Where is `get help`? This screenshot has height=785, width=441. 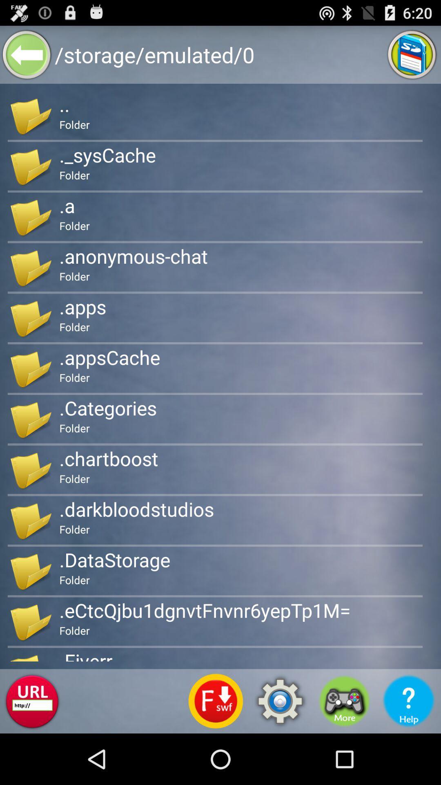 get help is located at coordinates (409, 701).